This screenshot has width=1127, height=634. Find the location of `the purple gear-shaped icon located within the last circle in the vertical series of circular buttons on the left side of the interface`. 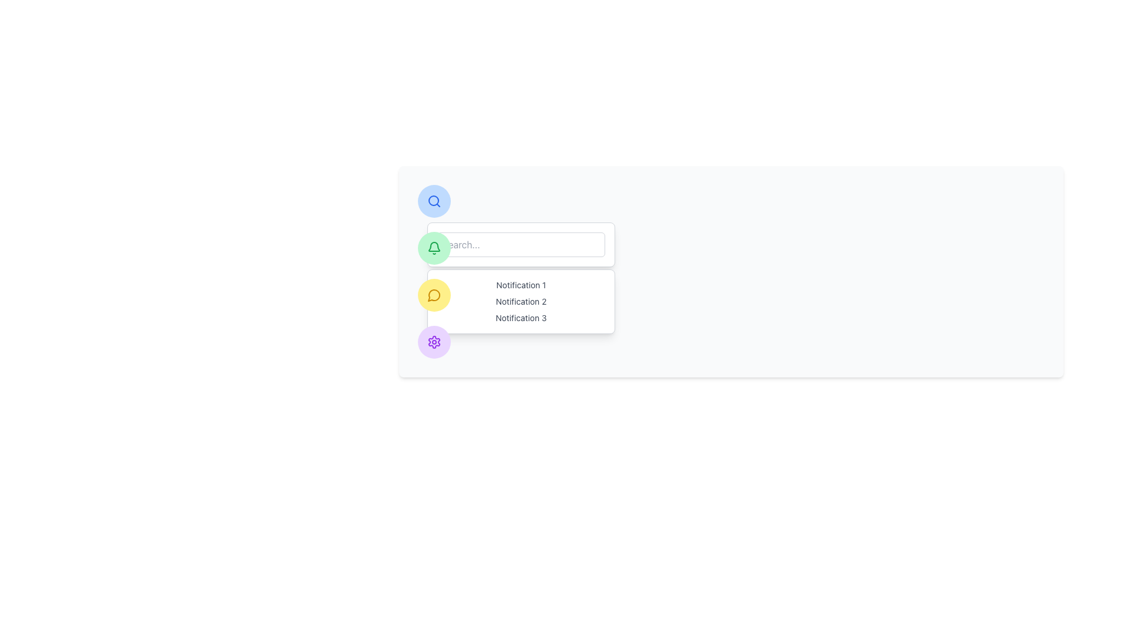

the purple gear-shaped icon located within the last circle in the vertical series of circular buttons on the left side of the interface is located at coordinates (433, 342).